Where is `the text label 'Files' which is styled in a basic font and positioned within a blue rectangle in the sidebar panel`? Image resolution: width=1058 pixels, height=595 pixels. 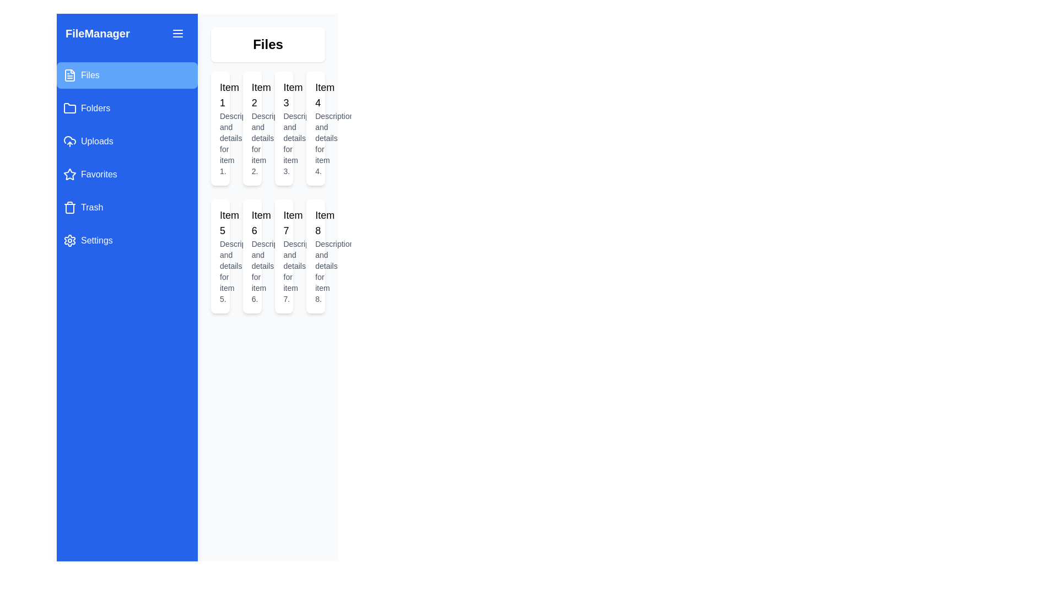
the text label 'Files' which is styled in a basic font and positioned within a blue rectangle in the sidebar panel is located at coordinates (90, 75).